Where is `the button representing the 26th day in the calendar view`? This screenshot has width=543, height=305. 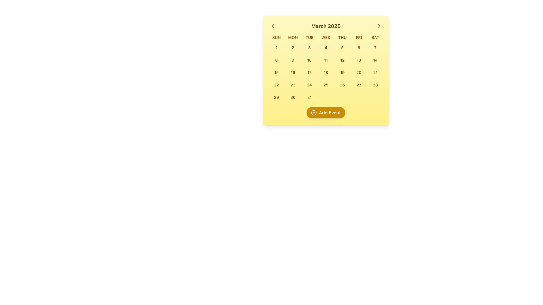 the button representing the 26th day in the calendar view is located at coordinates (342, 85).